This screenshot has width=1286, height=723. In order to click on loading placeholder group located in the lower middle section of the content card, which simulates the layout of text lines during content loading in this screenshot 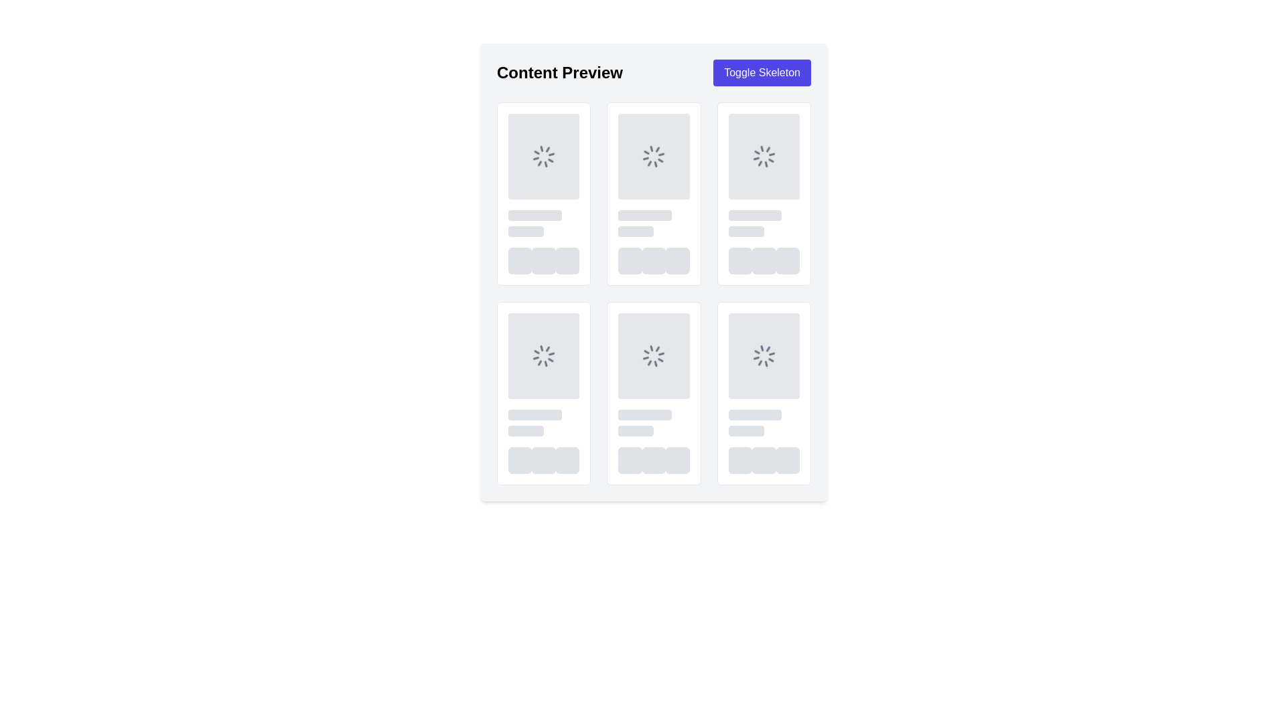, I will do `click(544, 223)`.